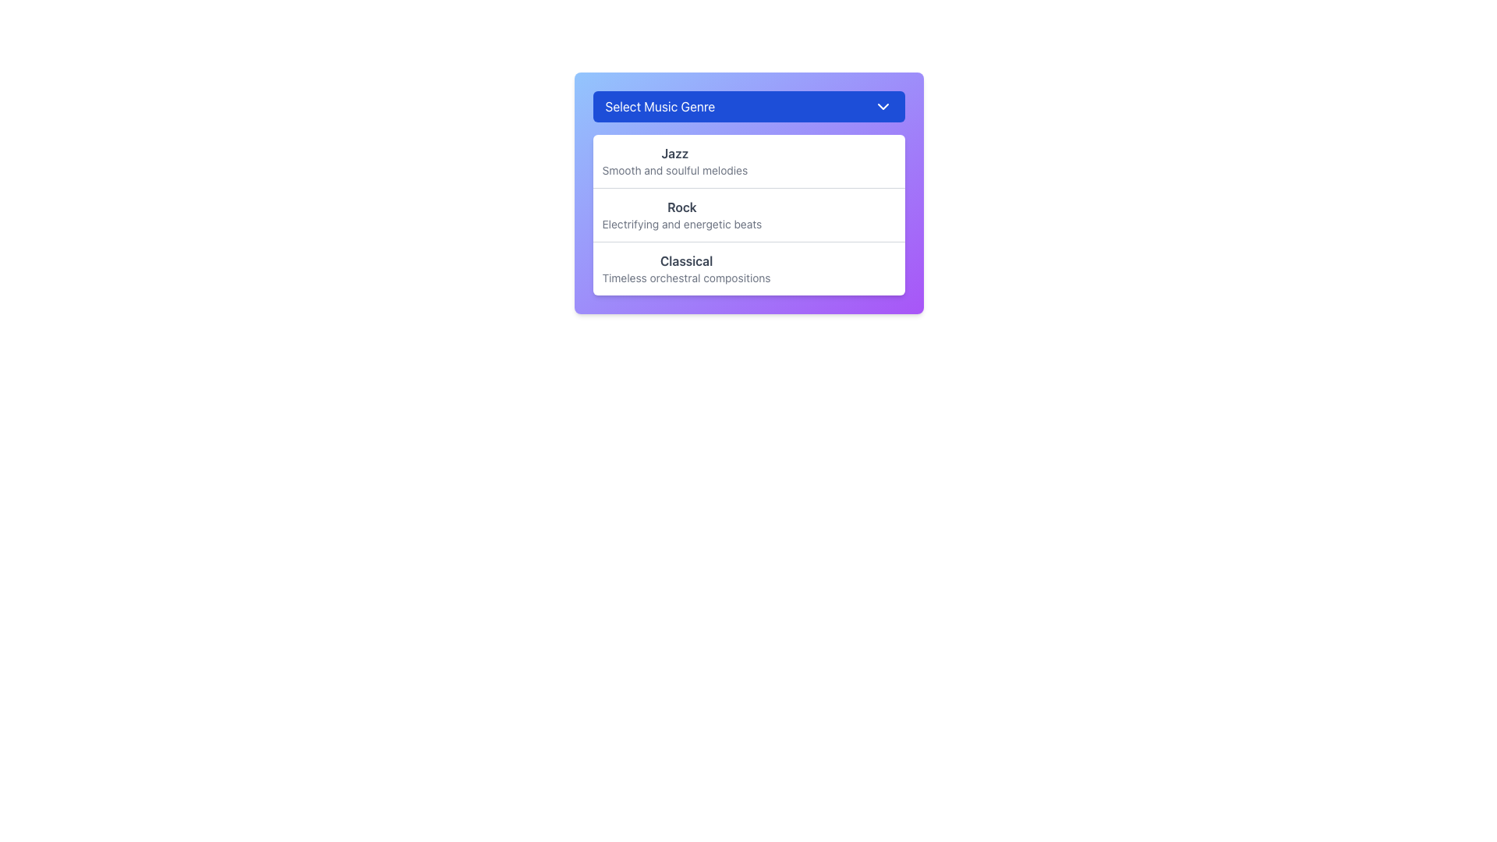  Describe the element at coordinates (748, 161) in the screenshot. I see `the first list item representing the 'Jazz' music genre` at that location.